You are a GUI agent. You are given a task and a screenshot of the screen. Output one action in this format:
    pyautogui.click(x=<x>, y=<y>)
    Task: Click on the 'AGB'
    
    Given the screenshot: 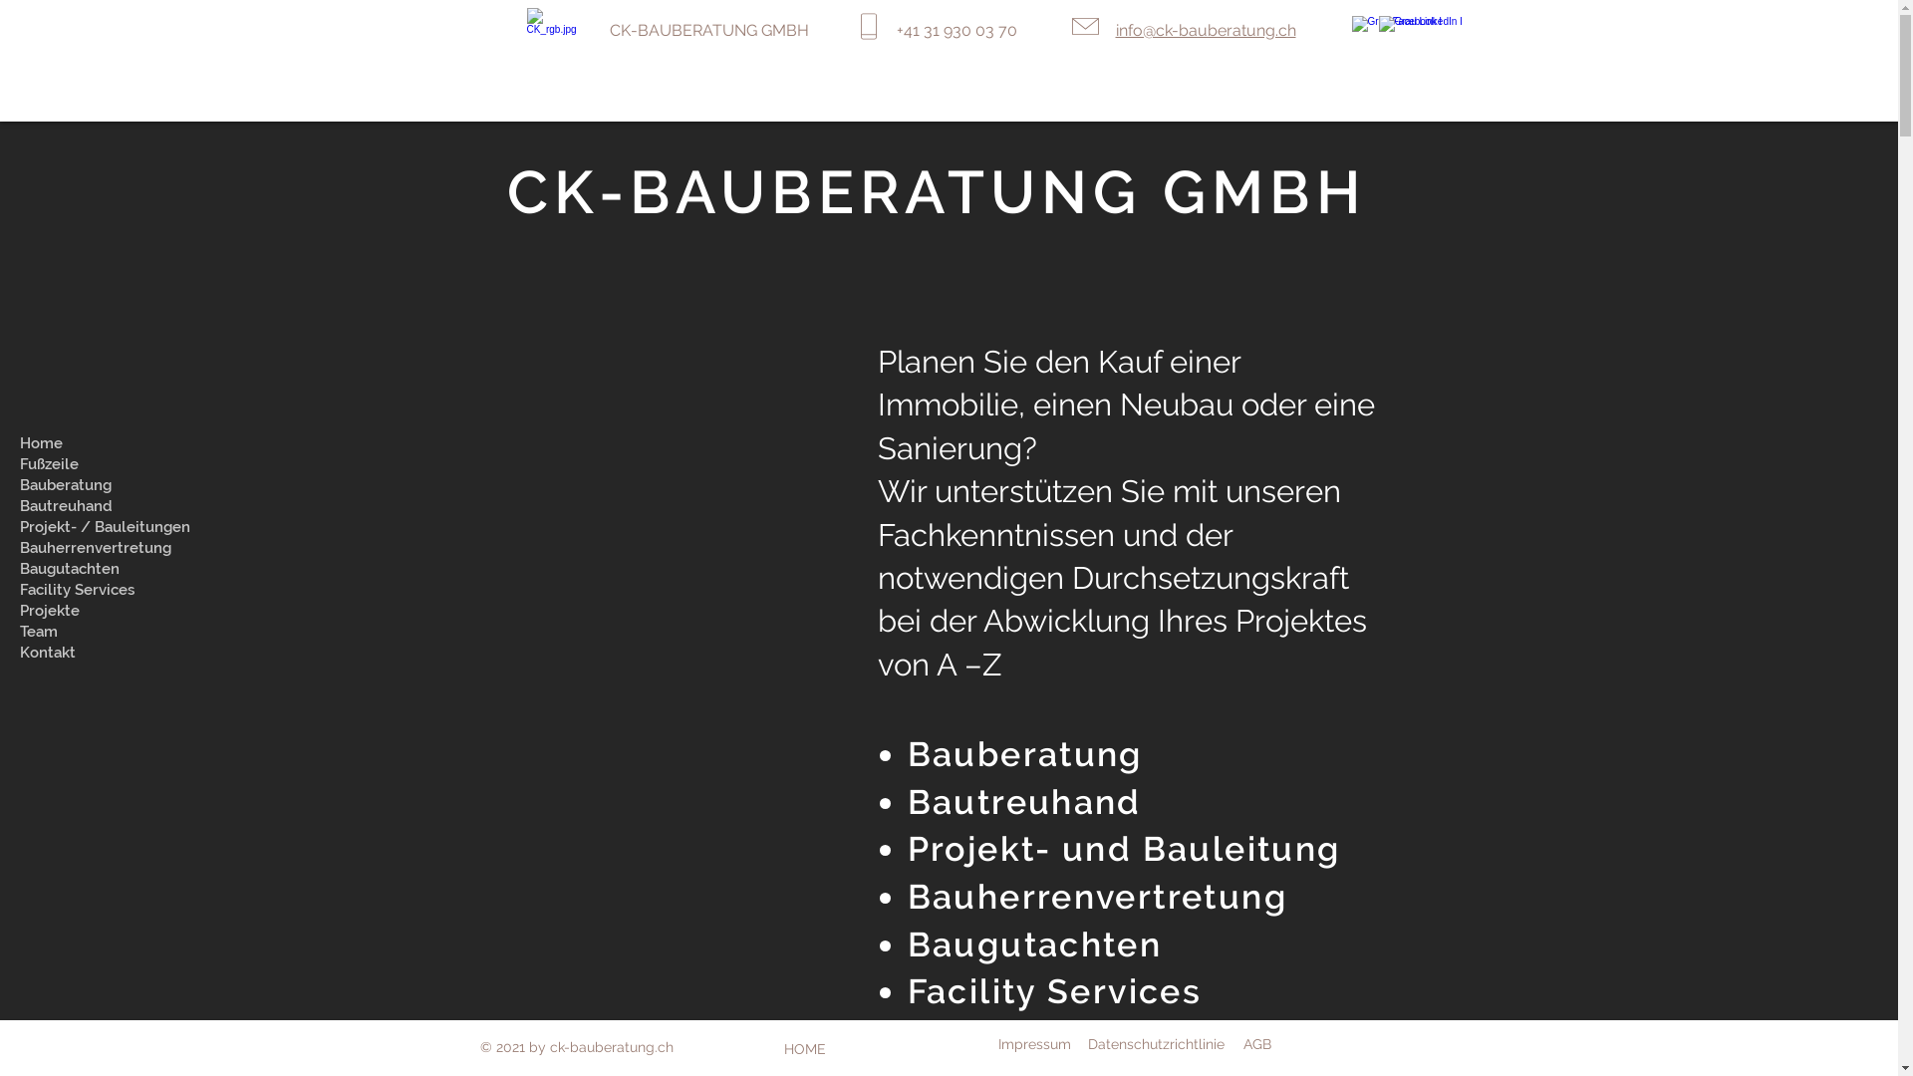 What is the action you would take?
    pyautogui.click(x=1256, y=1043)
    